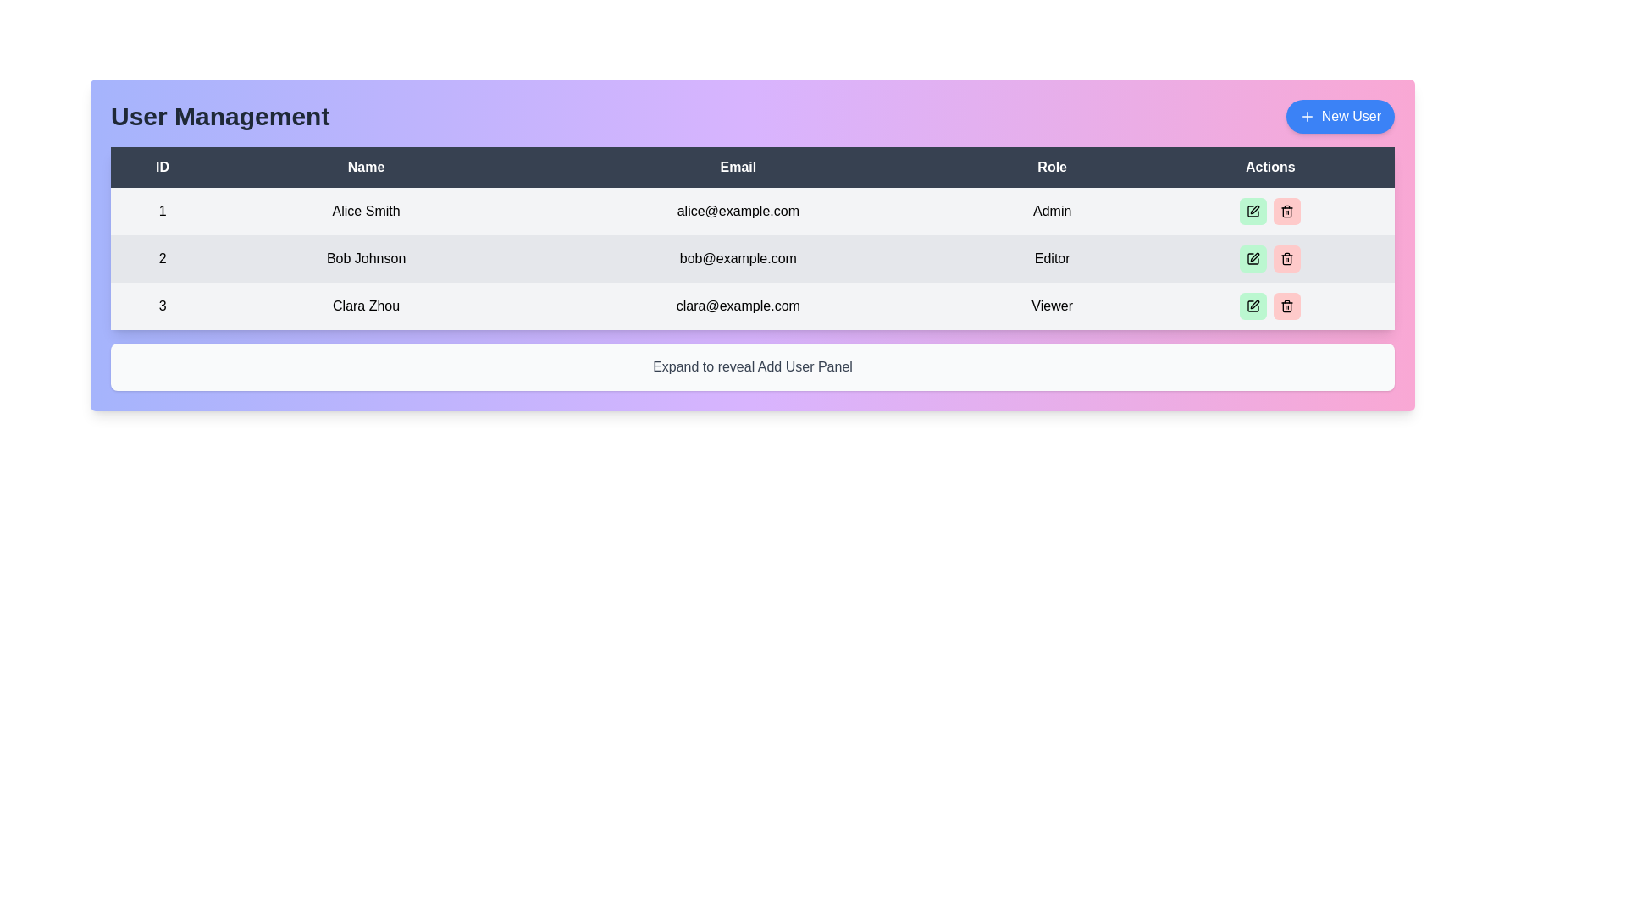 The image size is (1626, 914). What do you see at coordinates (365, 258) in the screenshot?
I see `the text label displaying 'Bob Johnson' in the second row of the table under the 'Name' column, which is styled in black font on a light gray background` at bounding box center [365, 258].